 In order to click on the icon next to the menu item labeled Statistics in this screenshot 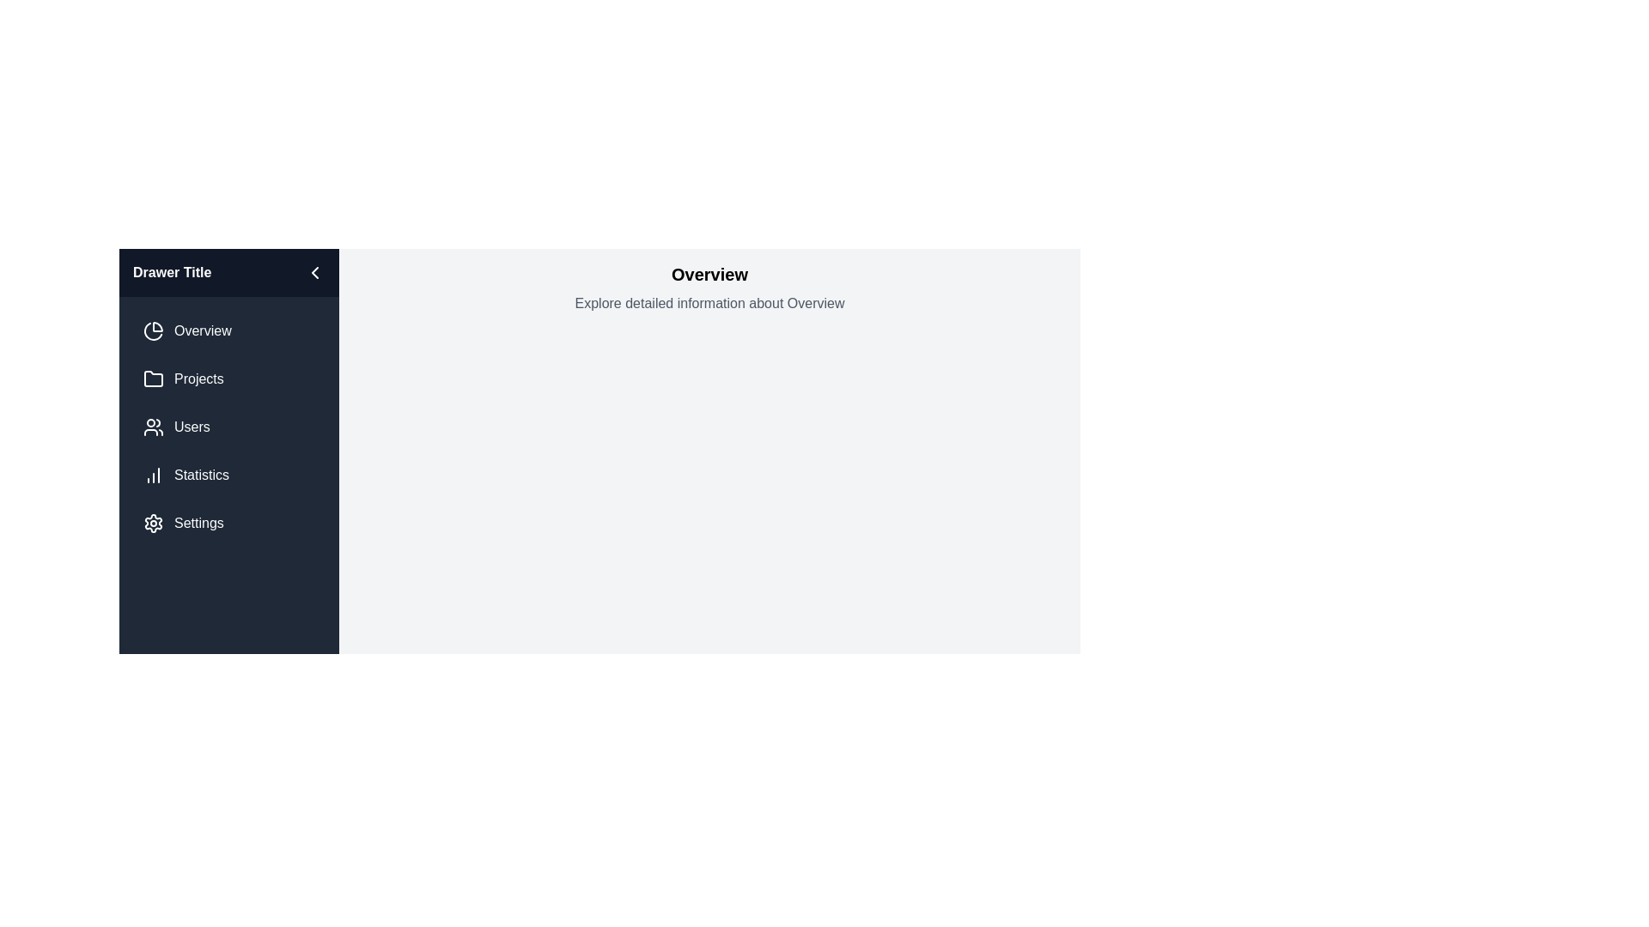, I will do `click(153, 476)`.